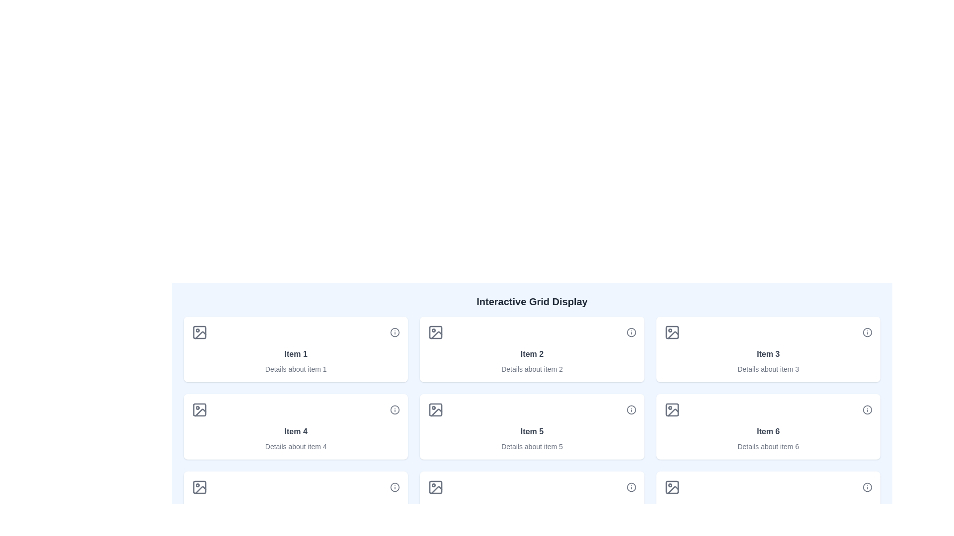 The height and width of the screenshot is (536, 954). Describe the element at coordinates (673, 335) in the screenshot. I see `the third visual feature of the SVG icon, which resembles a slanted line and is styled in gray, located inside the 'Item 3' card in the top-right corner of the grid layout` at that location.